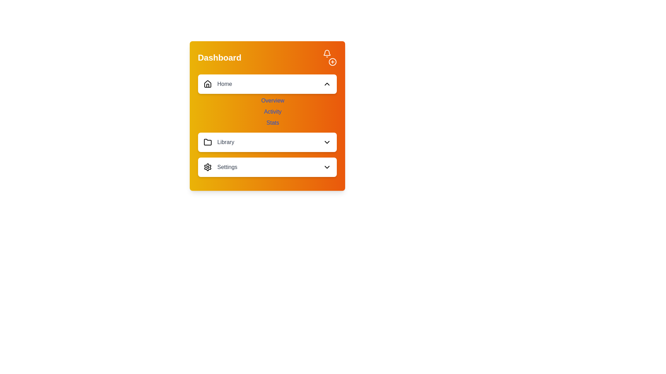 The image size is (666, 374). I want to click on the 'Library' button, which is the second selectable item in a vertical list, so click(267, 142).